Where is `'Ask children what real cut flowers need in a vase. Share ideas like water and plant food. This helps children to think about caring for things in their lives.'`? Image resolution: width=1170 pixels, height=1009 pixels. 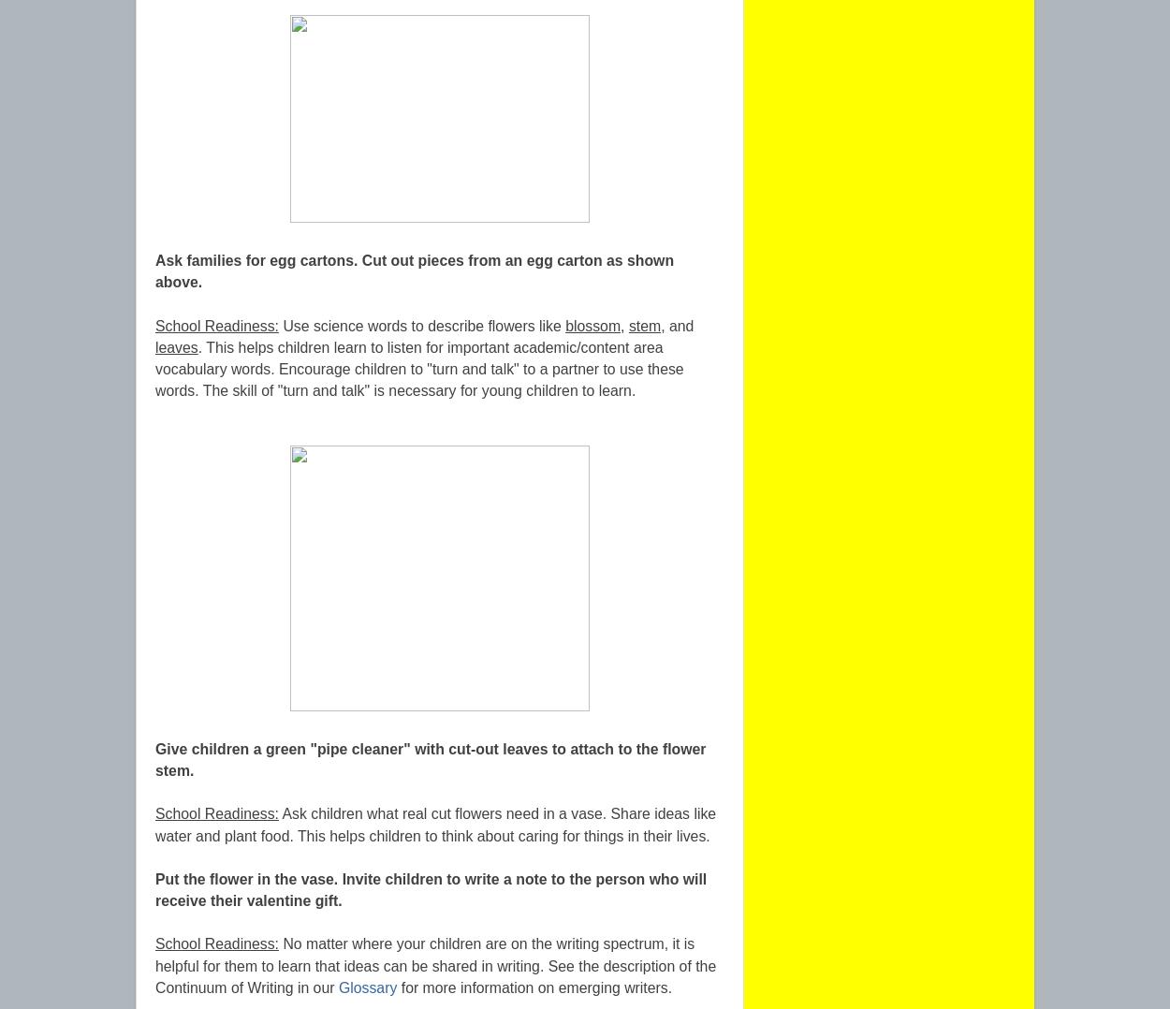 'Ask children what real cut flowers need in a vase. Share ideas like water and plant food. This helps children to think about caring for things in their lives.' is located at coordinates (155, 824).